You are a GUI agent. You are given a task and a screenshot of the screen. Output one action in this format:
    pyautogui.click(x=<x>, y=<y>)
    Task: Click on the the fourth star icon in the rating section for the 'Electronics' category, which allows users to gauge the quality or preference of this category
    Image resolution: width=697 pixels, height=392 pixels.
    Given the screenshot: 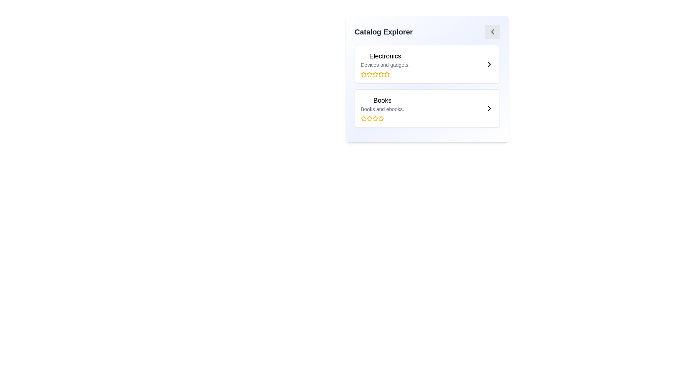 What is the action you would take?
    pyautogui.click(x=375, y=74)
    